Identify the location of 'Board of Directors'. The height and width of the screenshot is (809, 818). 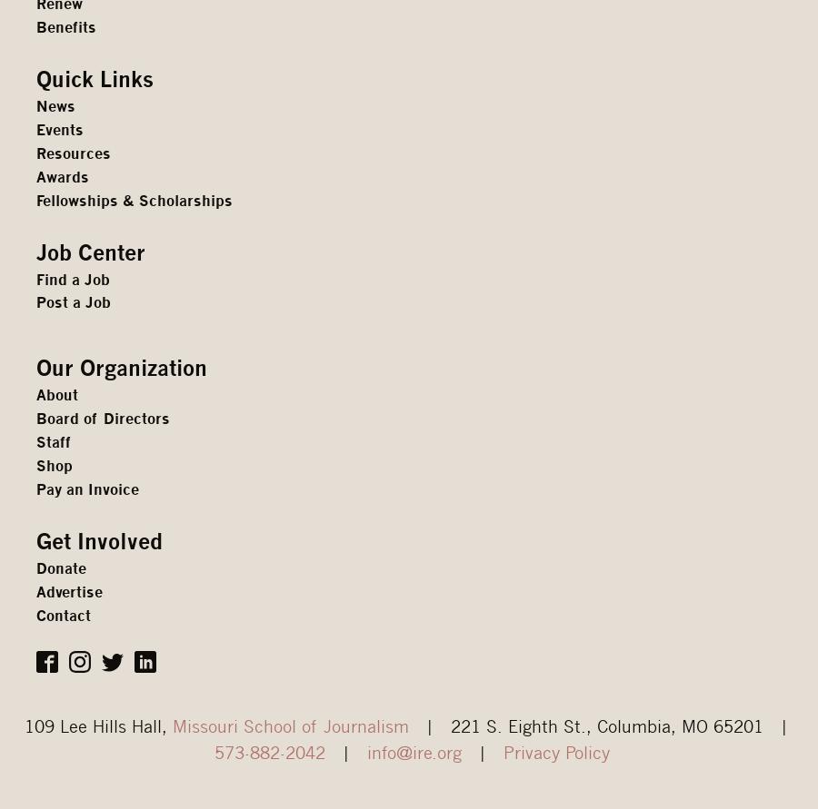
(103, 418).